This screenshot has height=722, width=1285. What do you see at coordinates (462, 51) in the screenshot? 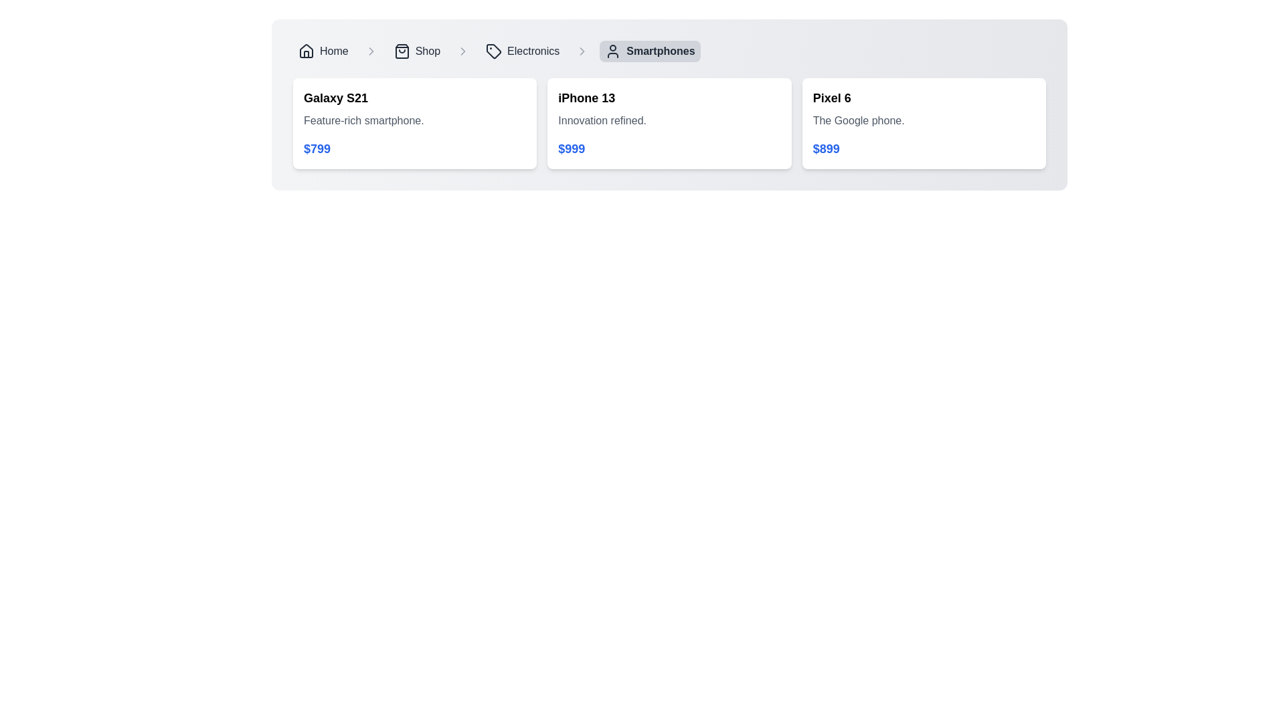
I see `the right-pointing chevron icon in the breadcrumb navigation bar, positioned between the 'Electronics' label and the next segment` at bounding box center [462, 51].